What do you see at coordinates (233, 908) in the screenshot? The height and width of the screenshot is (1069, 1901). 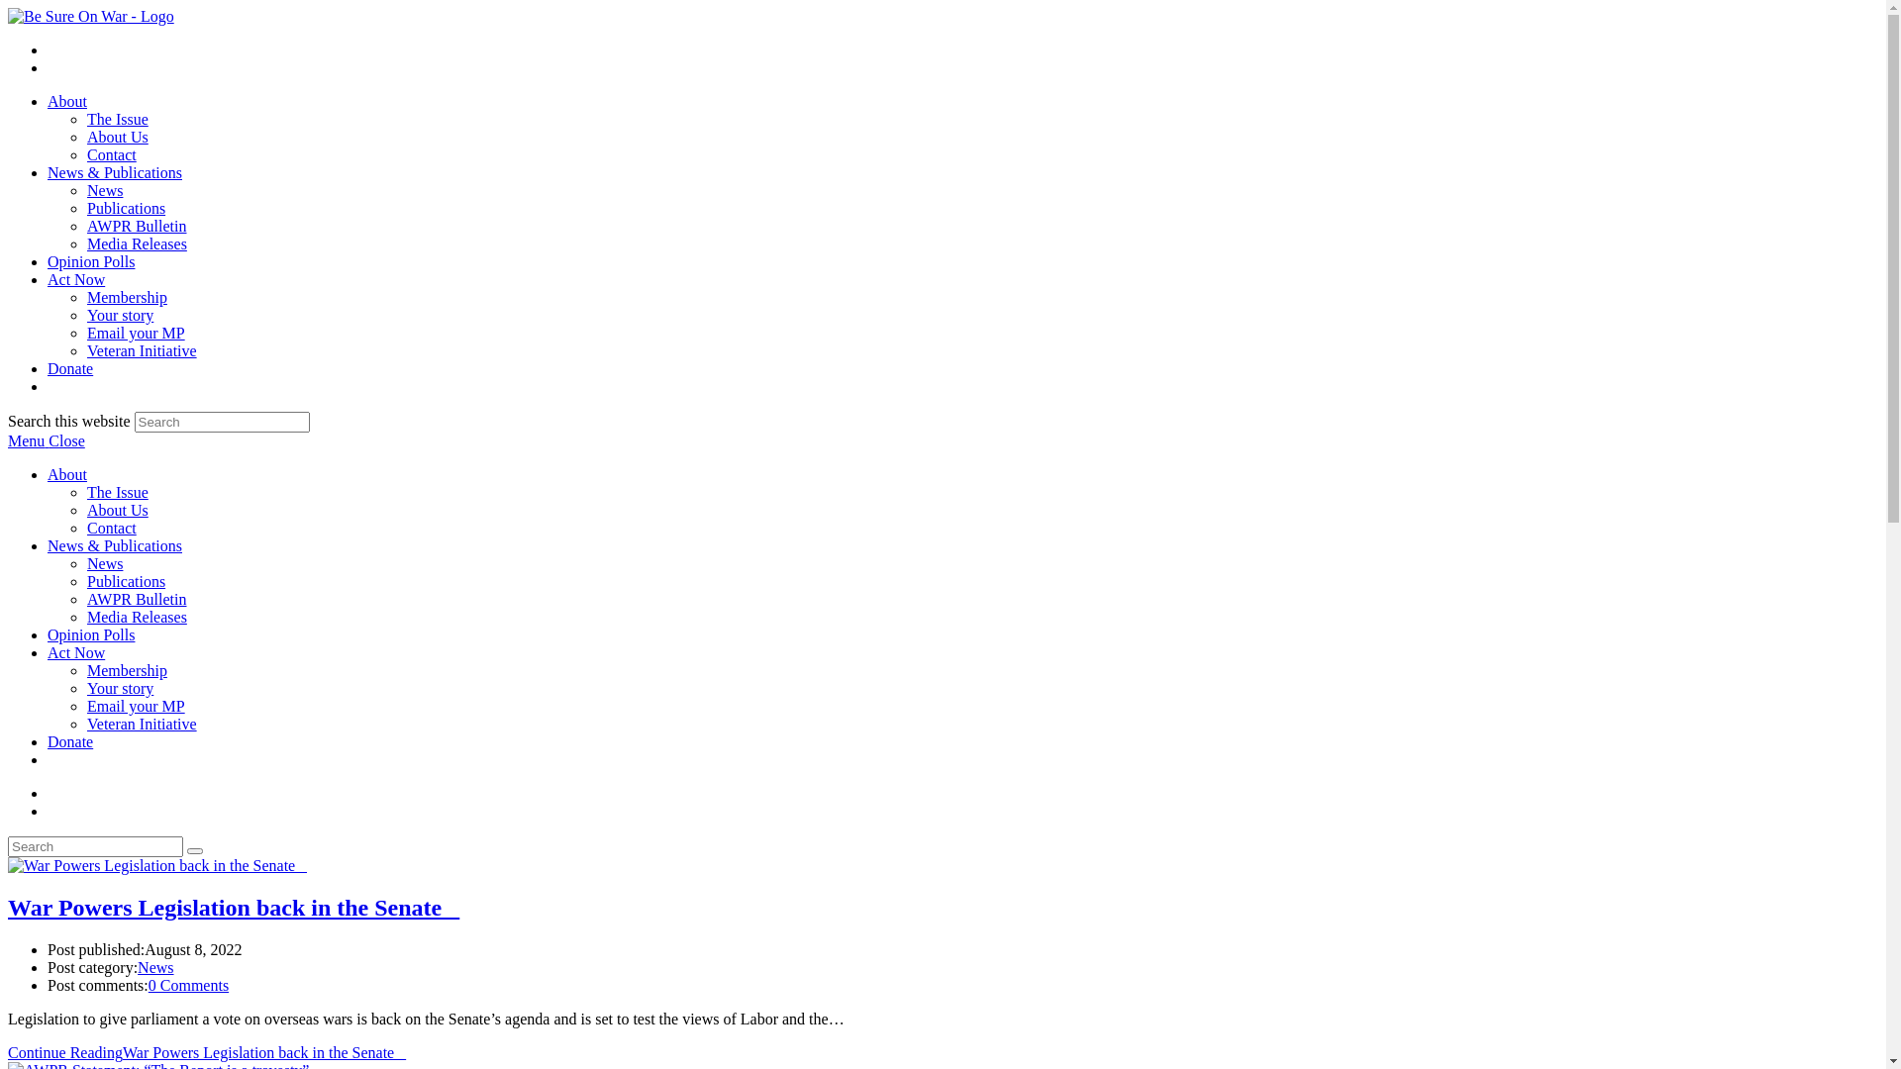 I see `'War Powers Legislation back in the Senate   '` at bounding box center [233, 908].